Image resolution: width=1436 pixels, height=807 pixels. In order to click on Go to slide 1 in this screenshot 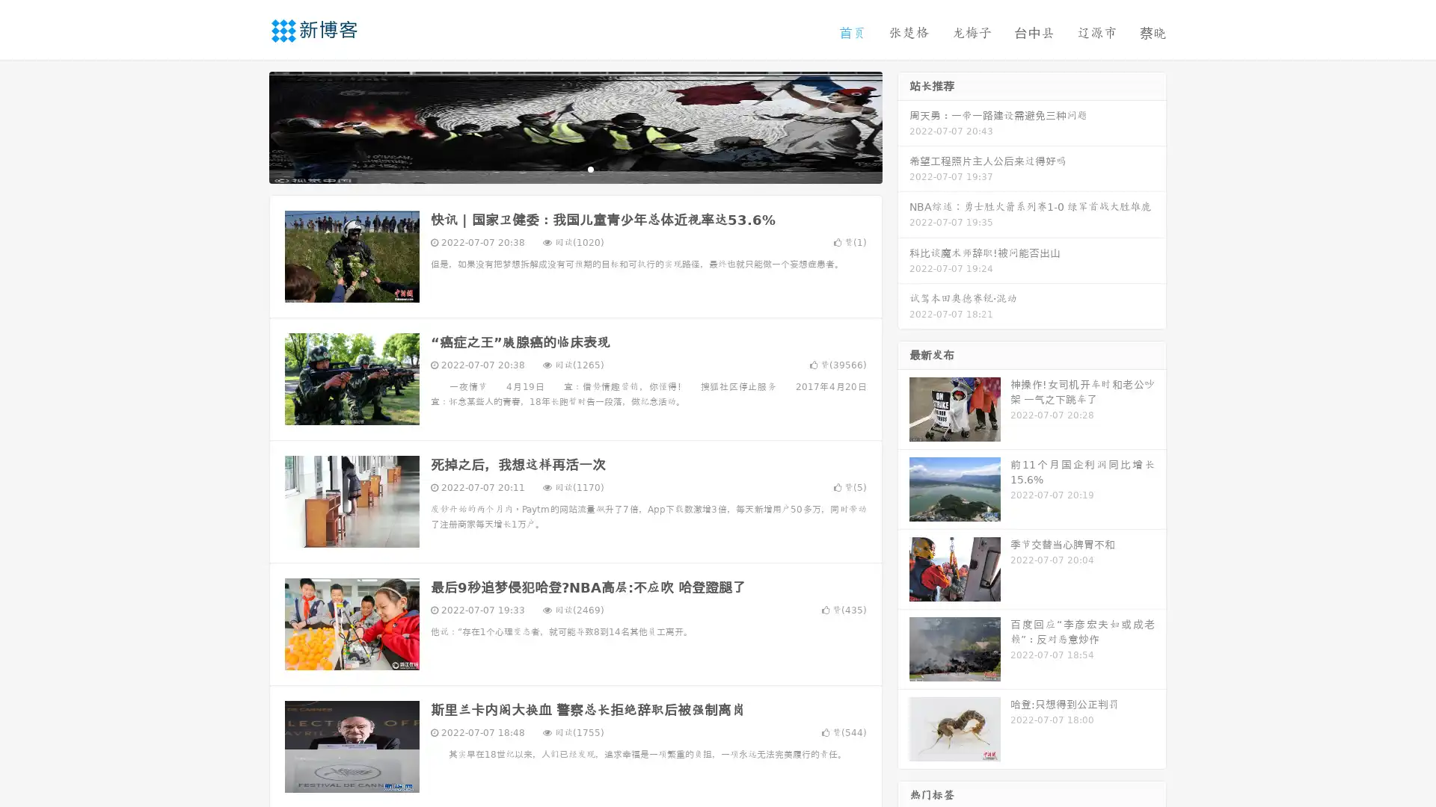, I will do `click(559, 168)`.